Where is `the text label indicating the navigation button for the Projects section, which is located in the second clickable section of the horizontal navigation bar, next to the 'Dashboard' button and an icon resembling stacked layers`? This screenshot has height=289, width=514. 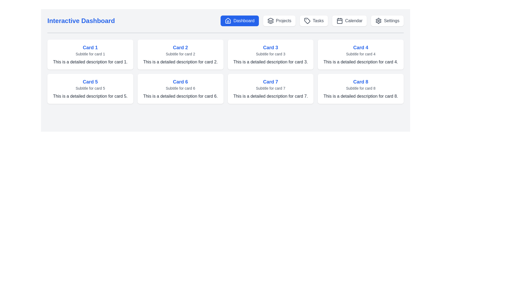
the text label indicating the navigation button for the Projects section, which is located in the second clickable section of the horizontal navigation bar, next to the 'Dashboard' button and an icon resembling stacked layers is located at coordinates (283, 20).